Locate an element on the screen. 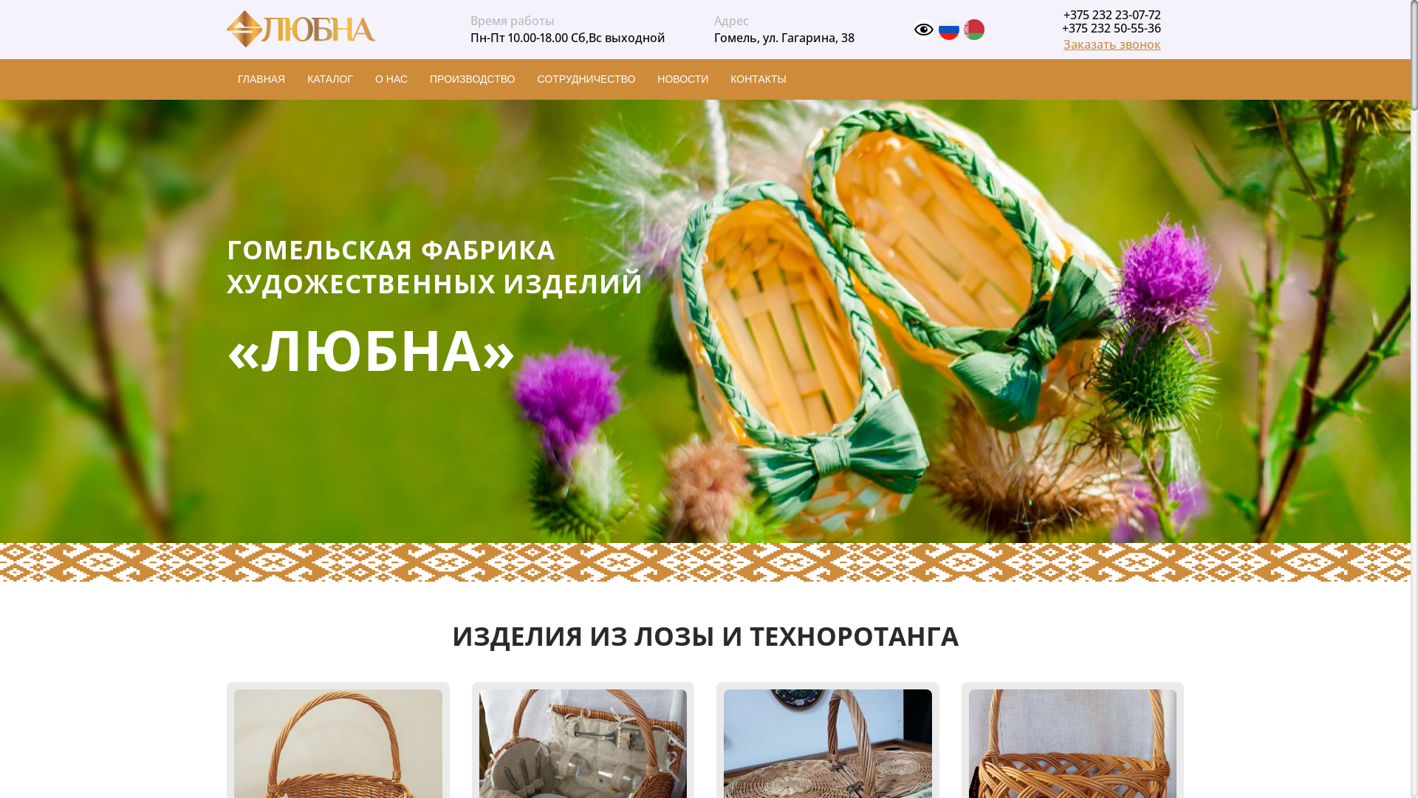  '+375 232 23-07-72' is located at coordinates (1112, 14).